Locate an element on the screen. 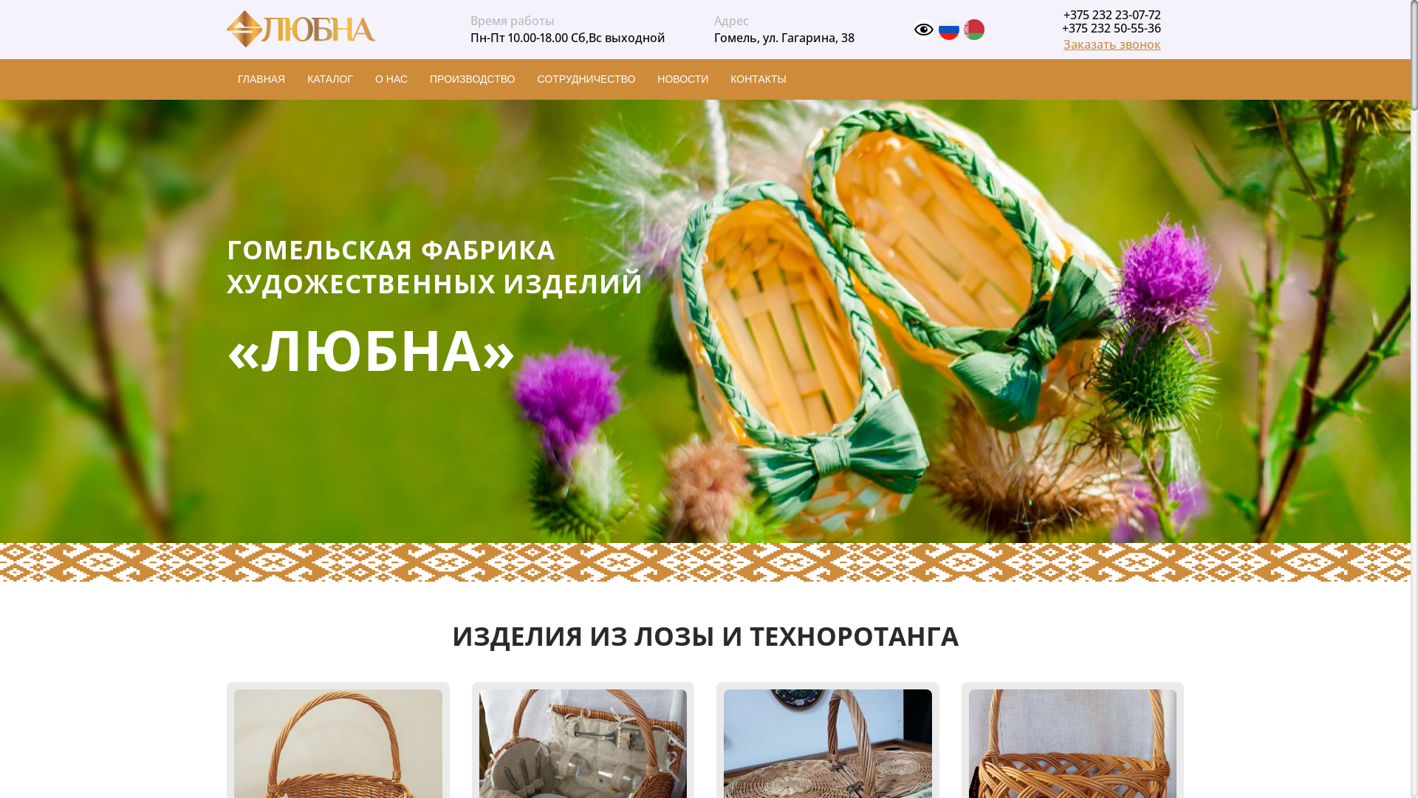  '+375 232 23-07-72' is located at coordinates (1112, 14).